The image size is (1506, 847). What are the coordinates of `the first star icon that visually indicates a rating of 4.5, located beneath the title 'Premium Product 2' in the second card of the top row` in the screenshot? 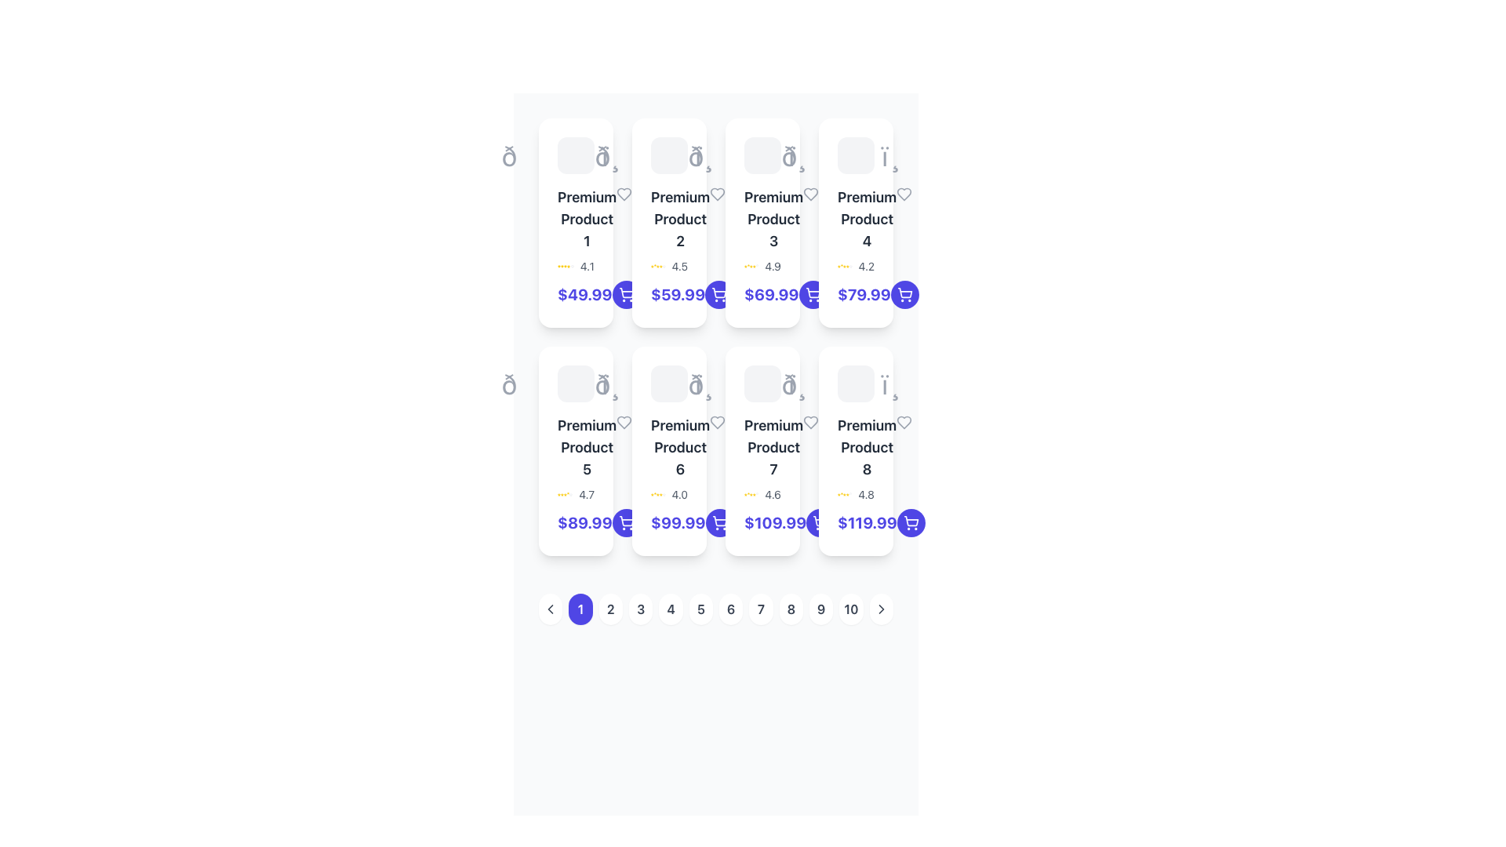 It's located at (652, 265).